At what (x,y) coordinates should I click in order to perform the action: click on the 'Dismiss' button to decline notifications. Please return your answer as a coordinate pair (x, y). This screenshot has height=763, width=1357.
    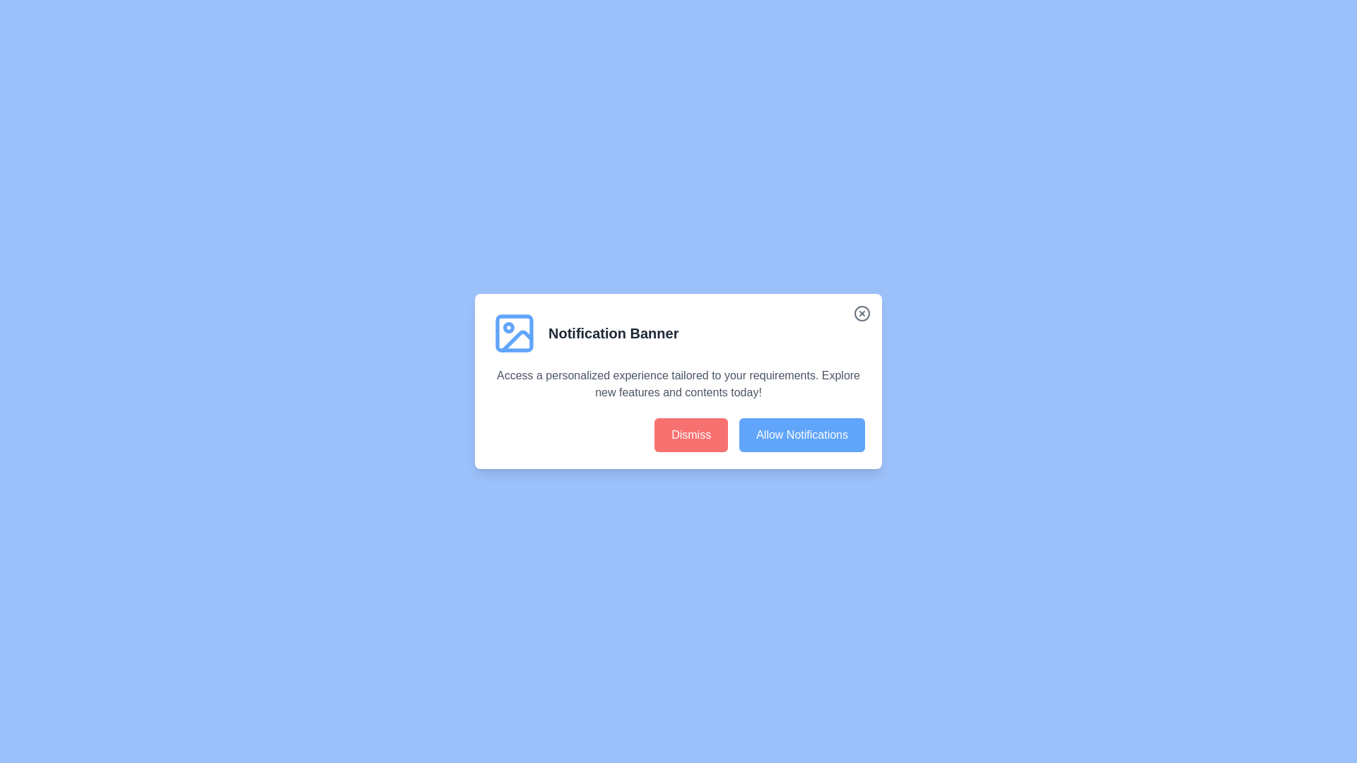
    Looking at the image, I should click on (691, 434).